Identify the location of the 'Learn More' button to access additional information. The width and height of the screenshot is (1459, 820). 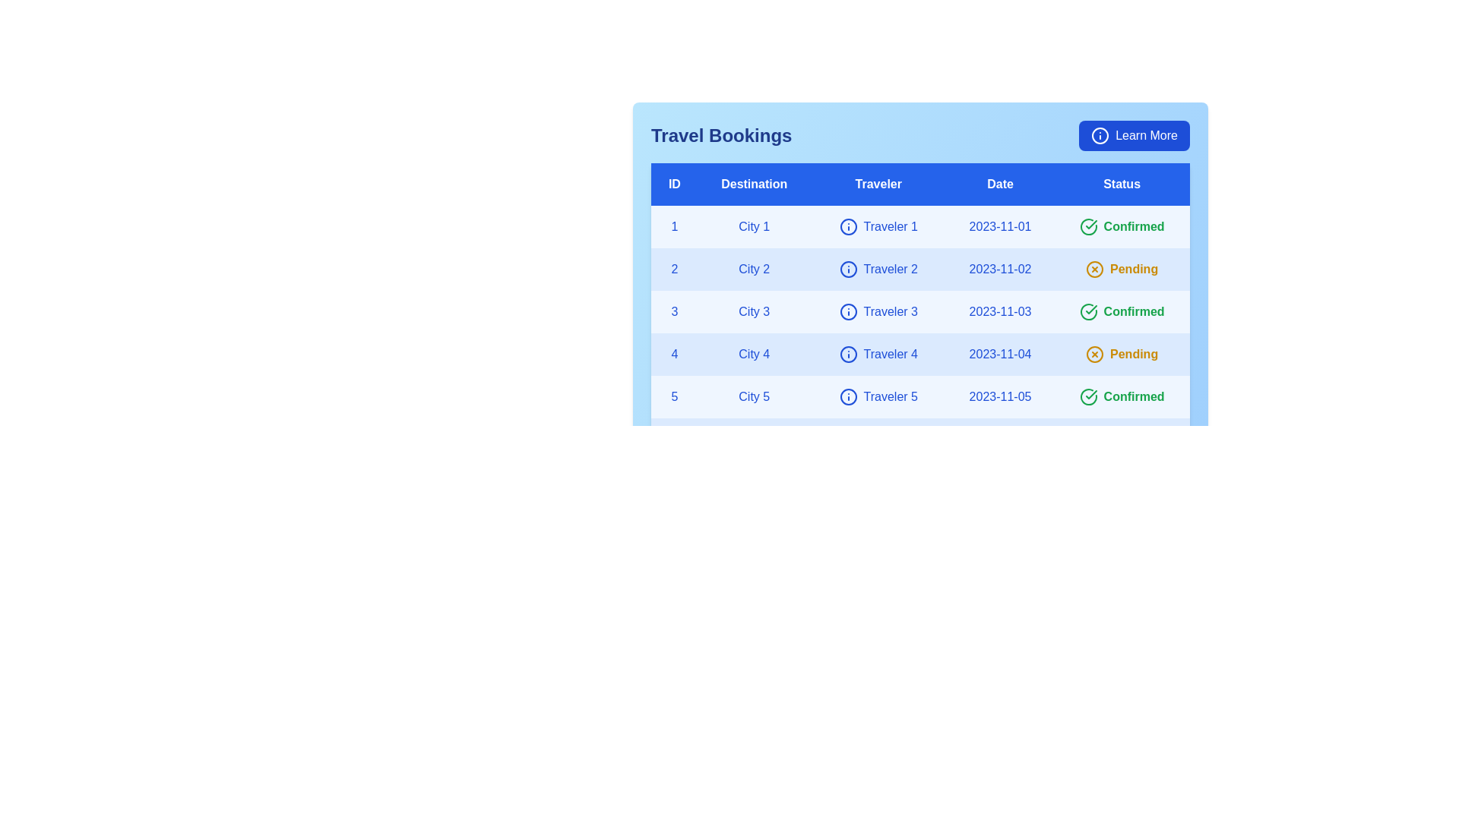
(1135, 134).